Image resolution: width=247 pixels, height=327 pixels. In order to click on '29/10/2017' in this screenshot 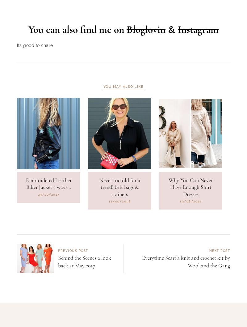, I will do `click(37, 226)`.